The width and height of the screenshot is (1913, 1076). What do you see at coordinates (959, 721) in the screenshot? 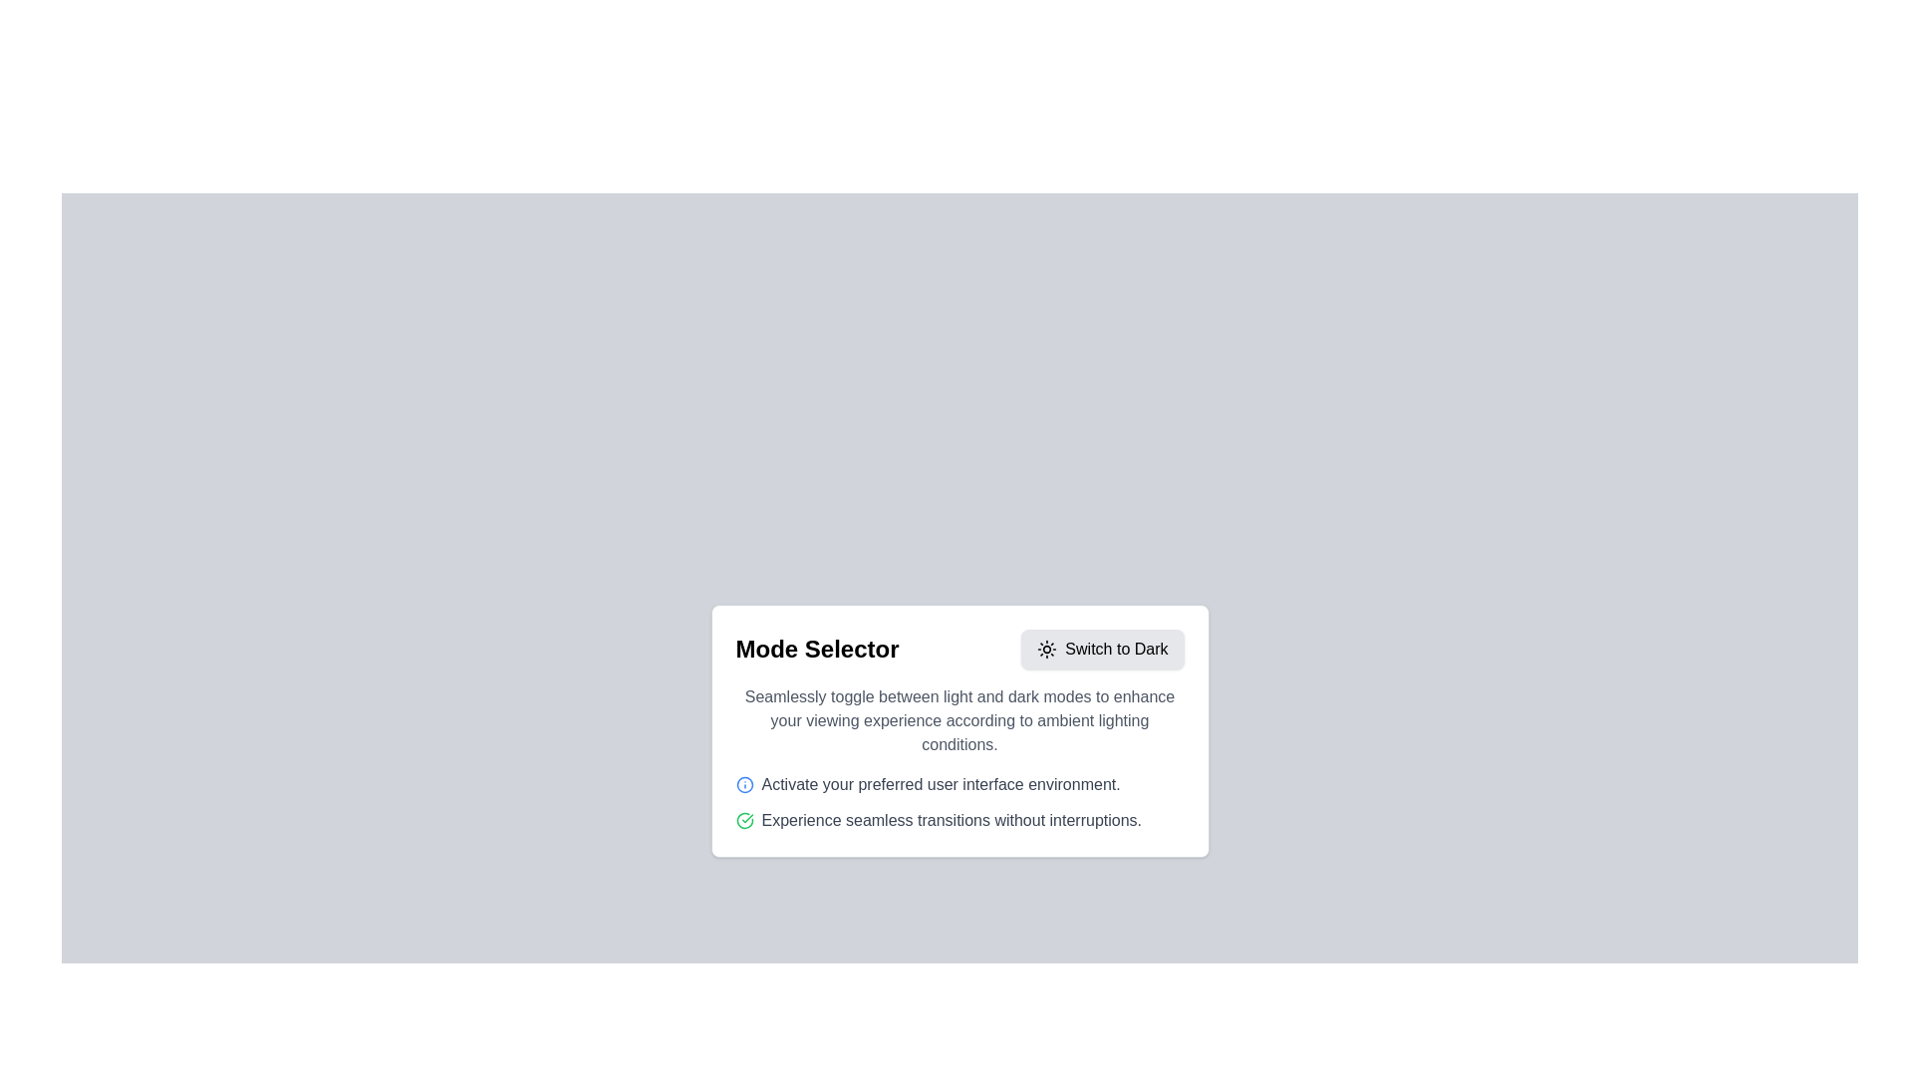
I see `the descriptive text block about toggling between light and dark modes, located below the 'Mode Selector' title` at bounding box center [959, 721].